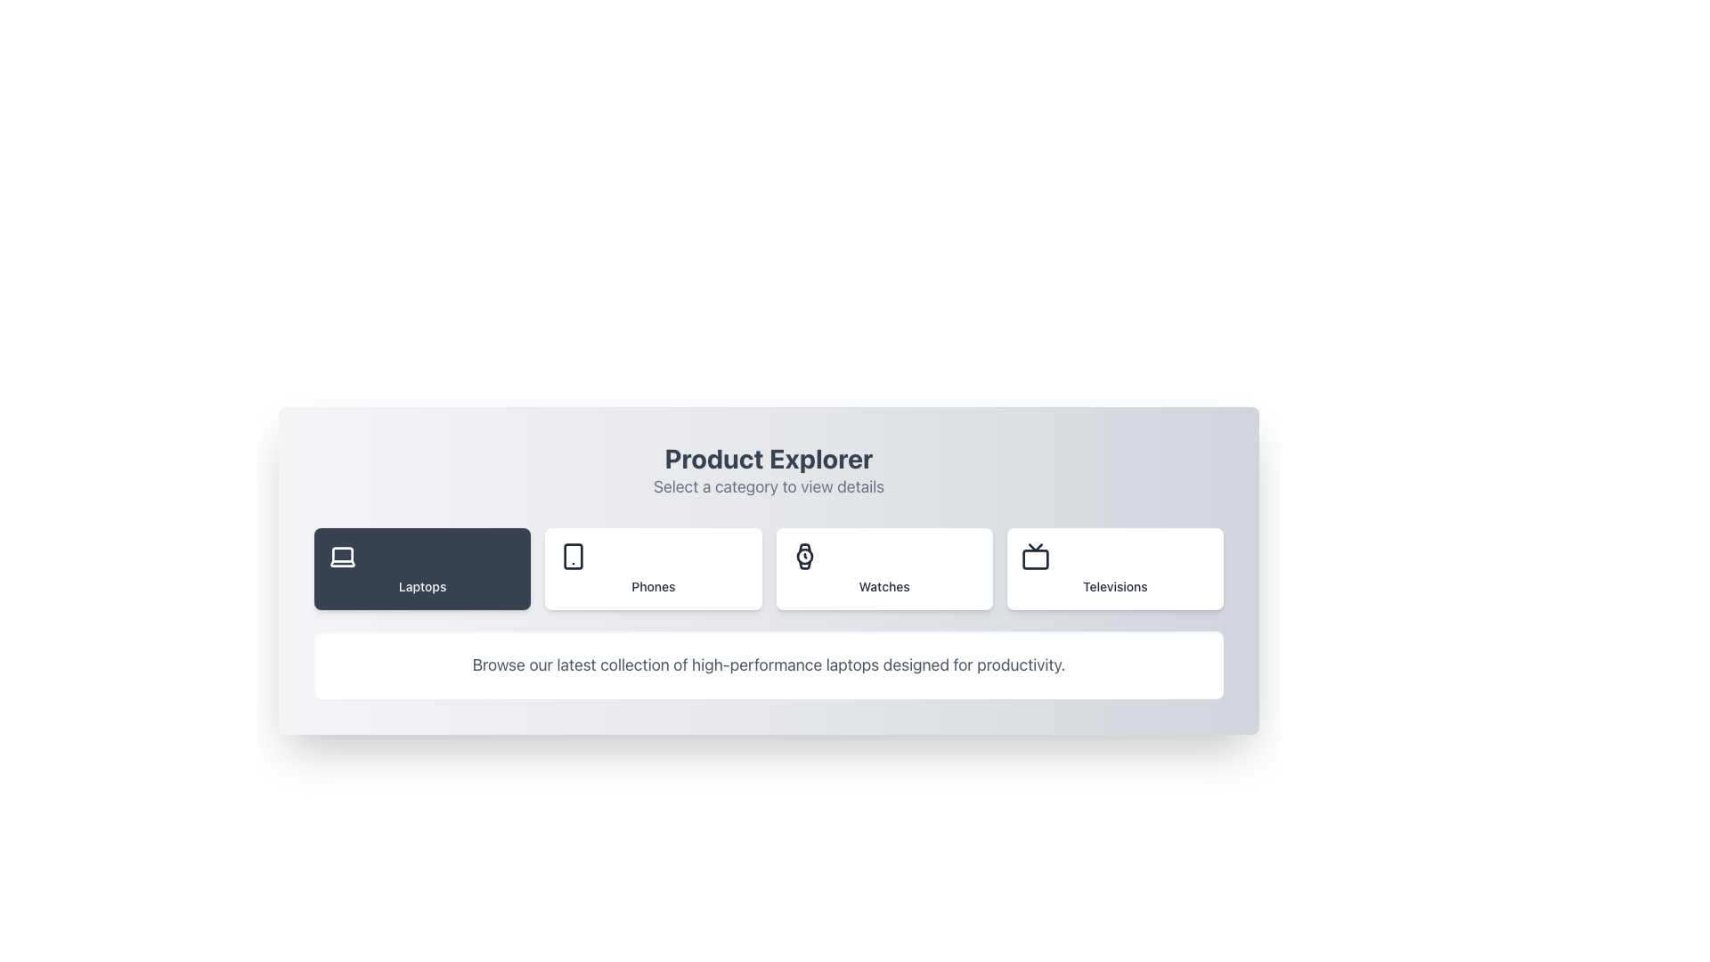 The height and width of the screenshot is (962, 1710). I want to click on the text label displaying the message 'Select a category, so click(769, 487).